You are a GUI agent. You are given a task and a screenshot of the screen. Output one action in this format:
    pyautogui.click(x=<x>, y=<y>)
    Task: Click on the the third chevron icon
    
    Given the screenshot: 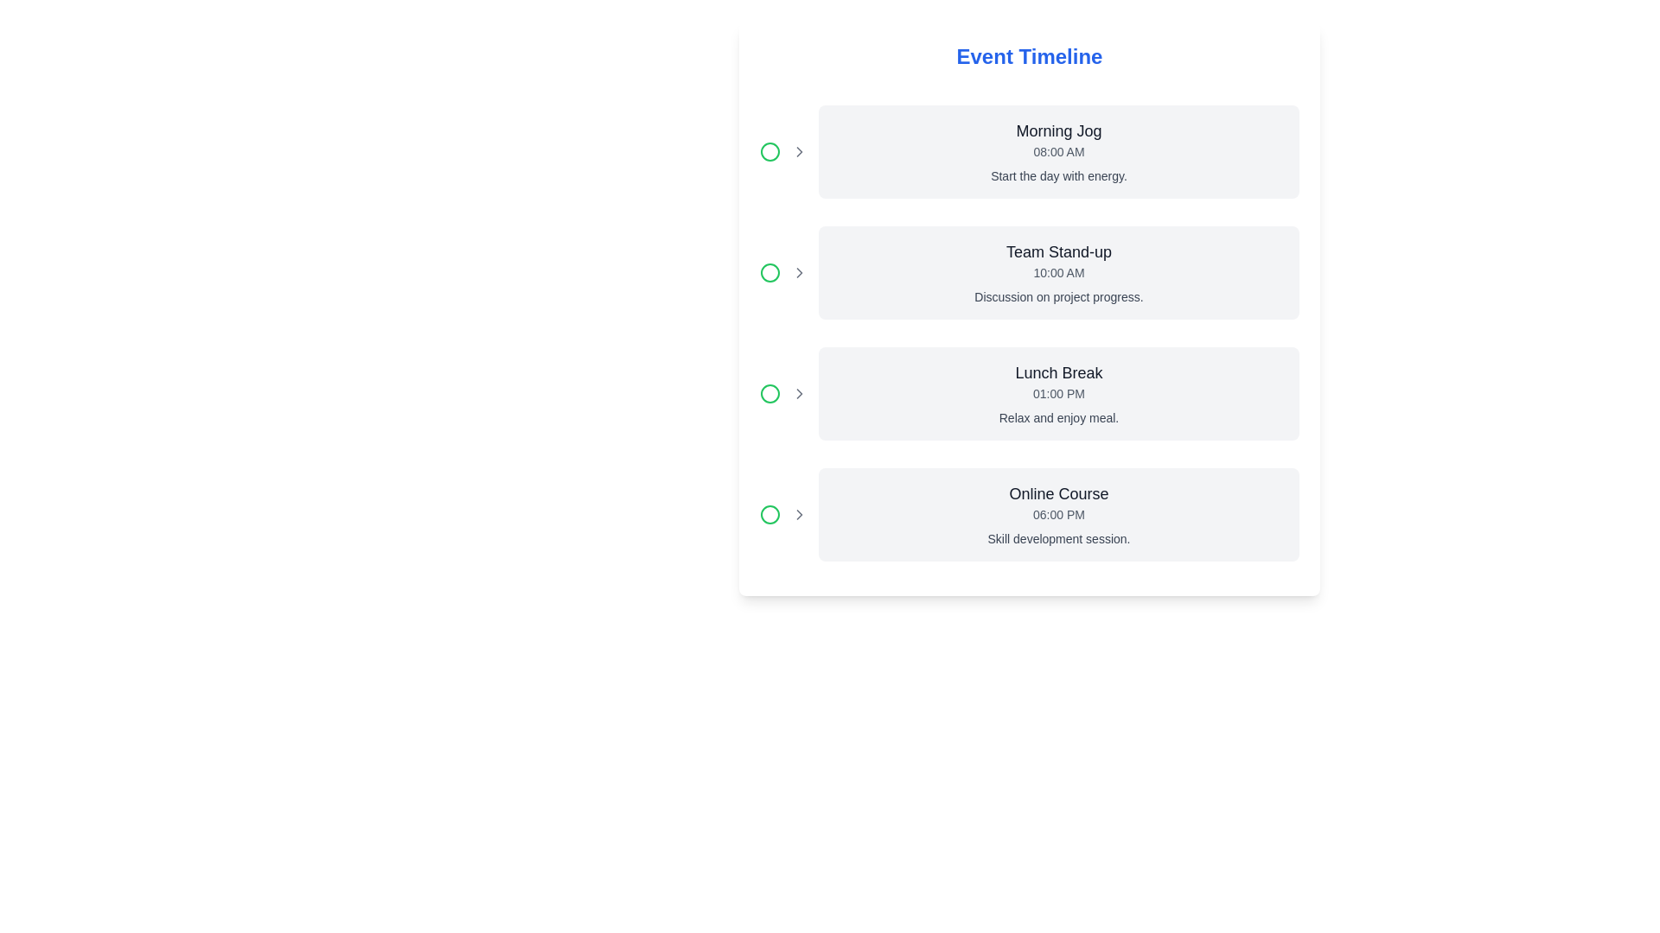 What is the action you would take?
    pyautogui.click(x=799, y=393)
    